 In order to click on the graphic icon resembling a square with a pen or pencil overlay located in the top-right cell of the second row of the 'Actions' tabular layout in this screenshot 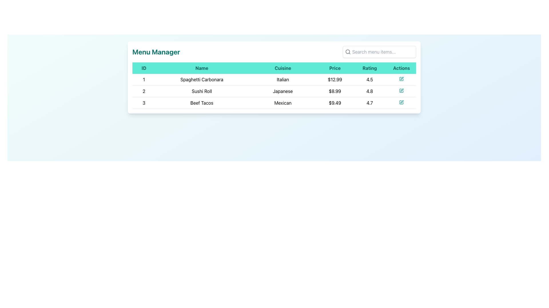, I will do `click(401, 90)`.